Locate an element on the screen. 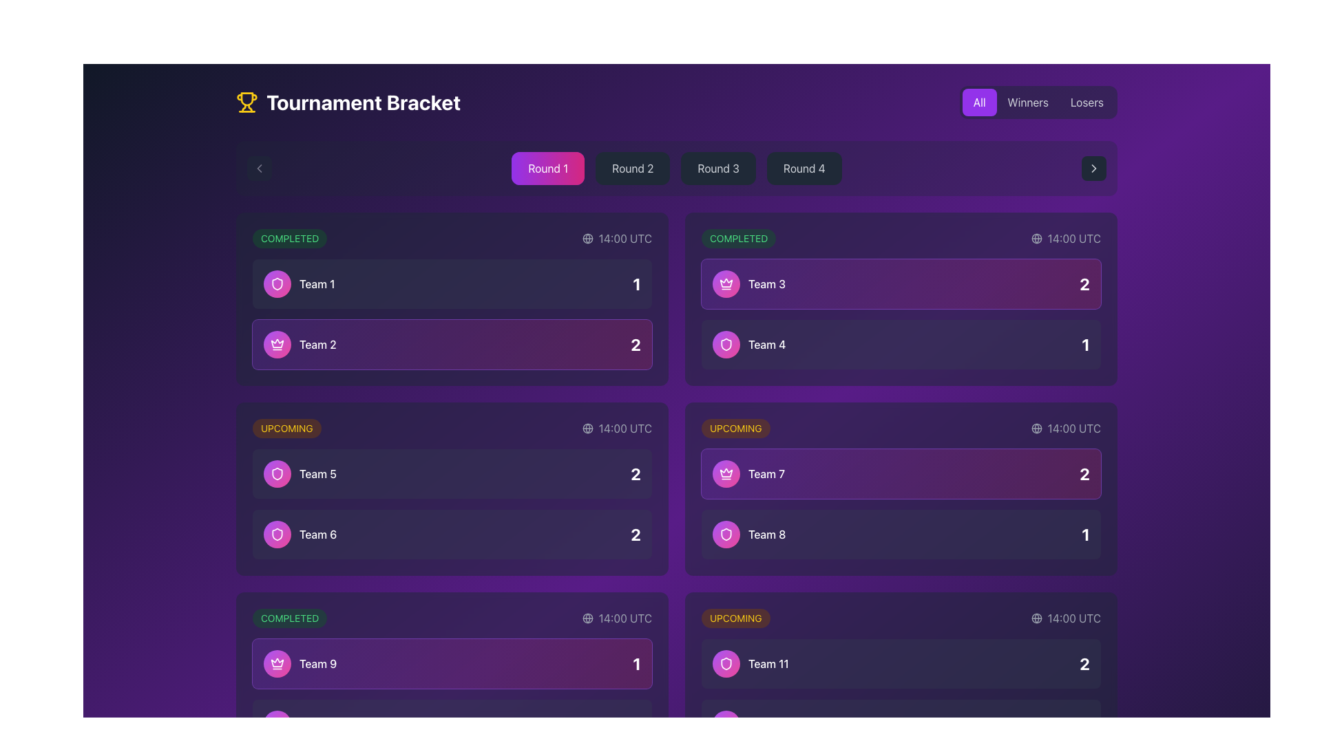 The width and height of the screenshot is (1322, 743). the bold, white numeral '2' displayed on a purple background, located at the far-right side of a horizontal match card is located at coordinates (1084, 473).